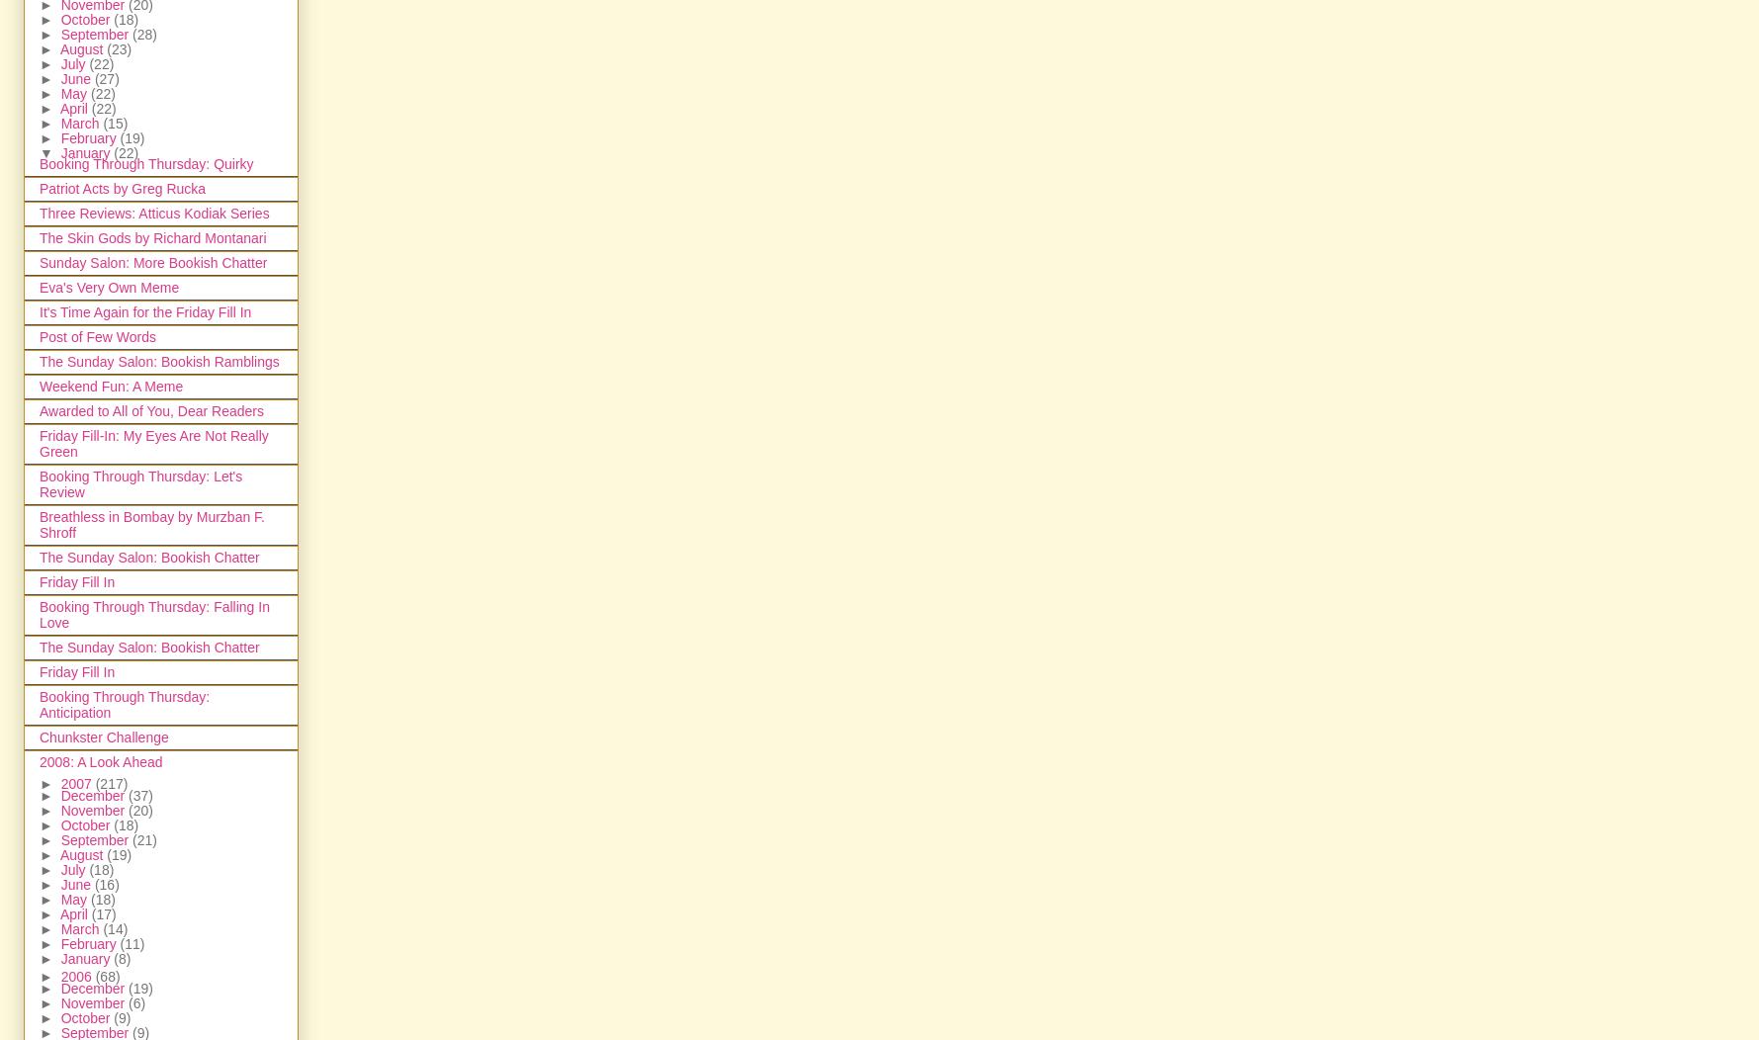 The width and height of the screenshot is (1759, 1040). Describe the element at coordinates (144, 311) in the screenshot. I see `'It's Time Again for the Friday Fill In'` at that location.